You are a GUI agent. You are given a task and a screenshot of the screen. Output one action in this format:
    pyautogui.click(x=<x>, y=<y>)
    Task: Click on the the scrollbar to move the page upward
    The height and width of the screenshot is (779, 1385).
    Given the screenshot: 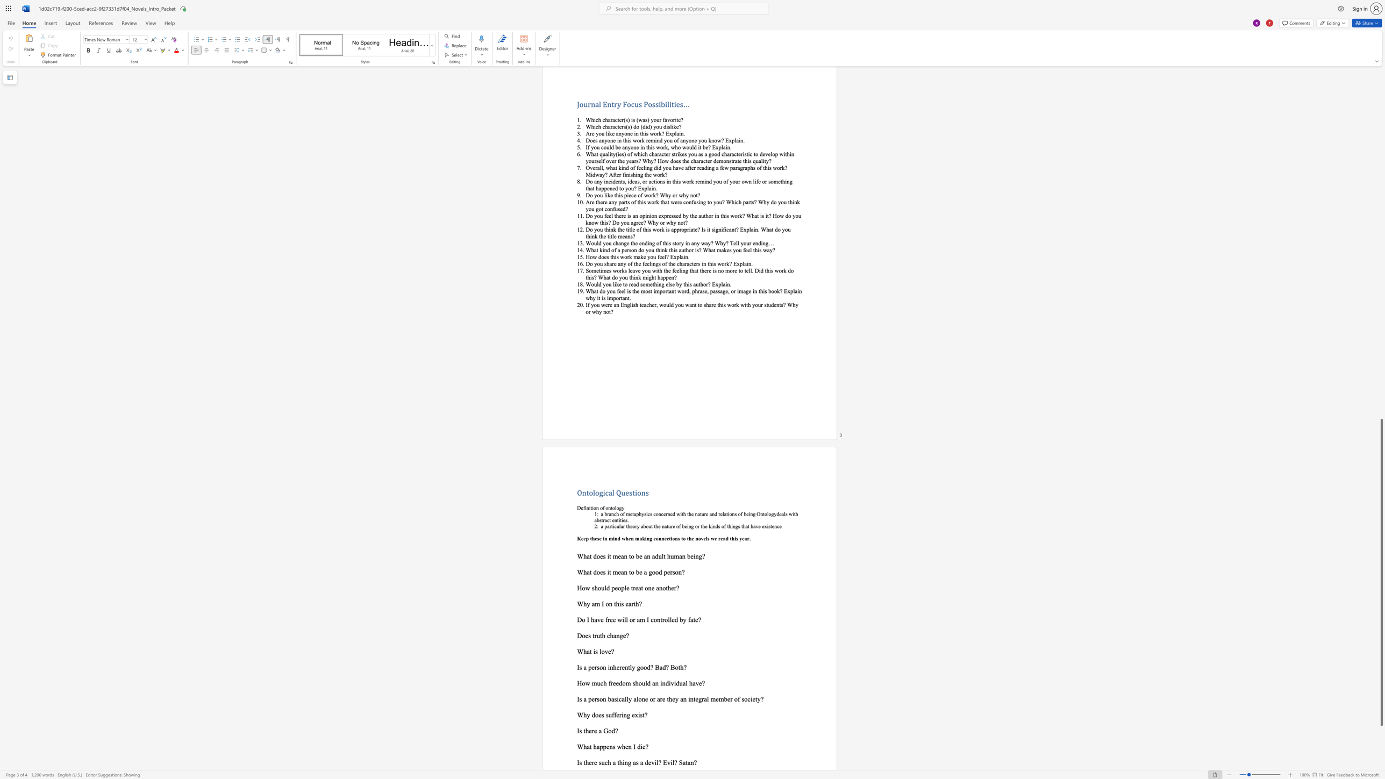 What is the action you would take?
    pyautogui.click(x=1381, y=389)
    